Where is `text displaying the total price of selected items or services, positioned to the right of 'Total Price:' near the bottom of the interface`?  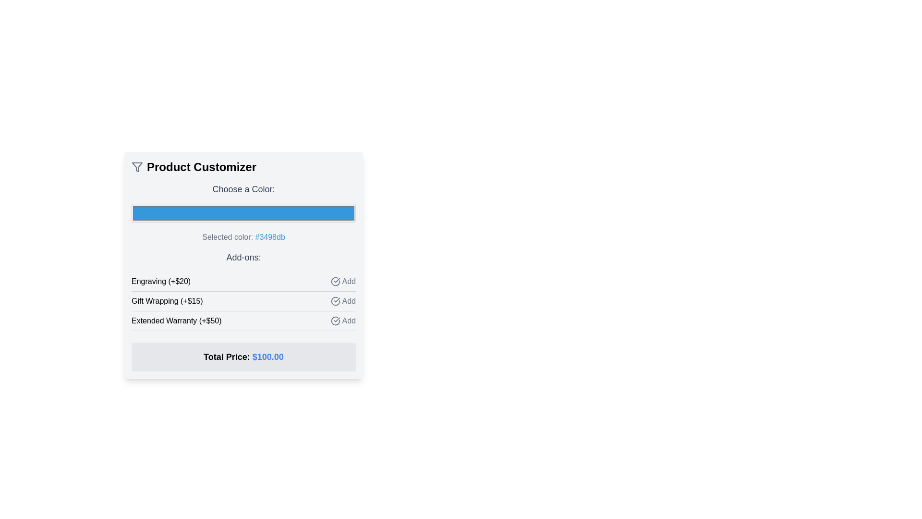 text displaying the total price of selected items or services, positioned to the right of 'Total Price:' near the bottom of the interface is located at coordinates (268, 357).